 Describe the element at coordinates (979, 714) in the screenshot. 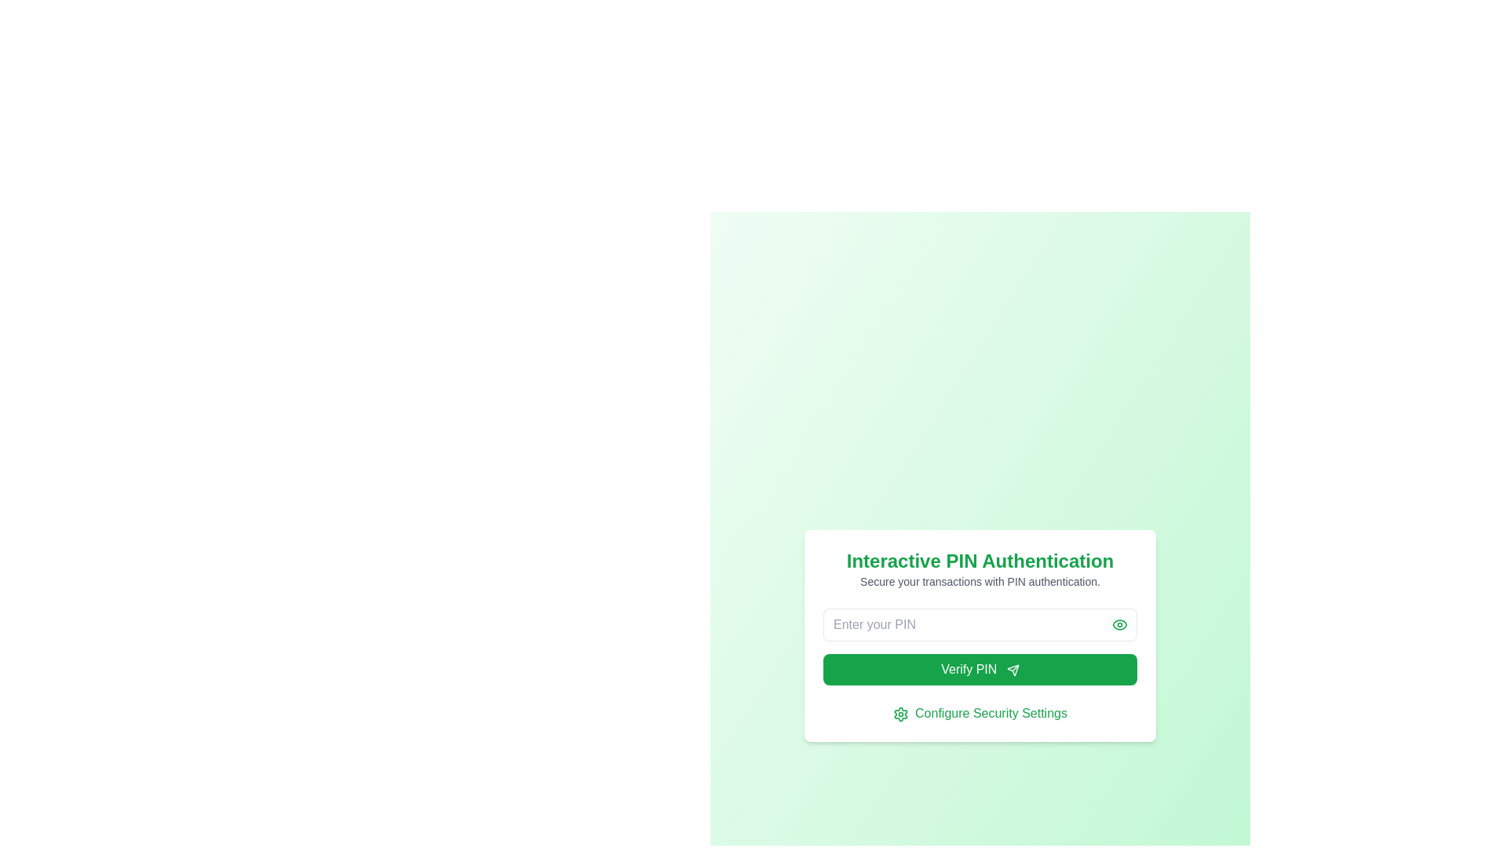

I see `the text label 'Configure Security Settings' with the gear icon, located at the bottom of the 'Interactive PIN Authentication' box, which is the last element under the 'Verify PIN' button` at that location.